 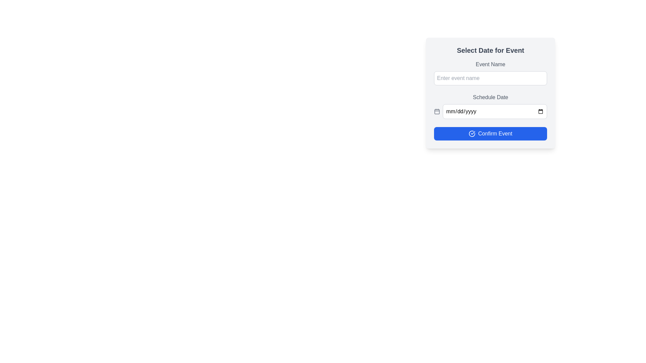 What do you see at coordinates (491, 133) in the screenshot?
I see `the confirmation button located in the bottom section of the rectangular panel, centered beneath the 'Schedule Date' field` at bounding box center [491, 133].